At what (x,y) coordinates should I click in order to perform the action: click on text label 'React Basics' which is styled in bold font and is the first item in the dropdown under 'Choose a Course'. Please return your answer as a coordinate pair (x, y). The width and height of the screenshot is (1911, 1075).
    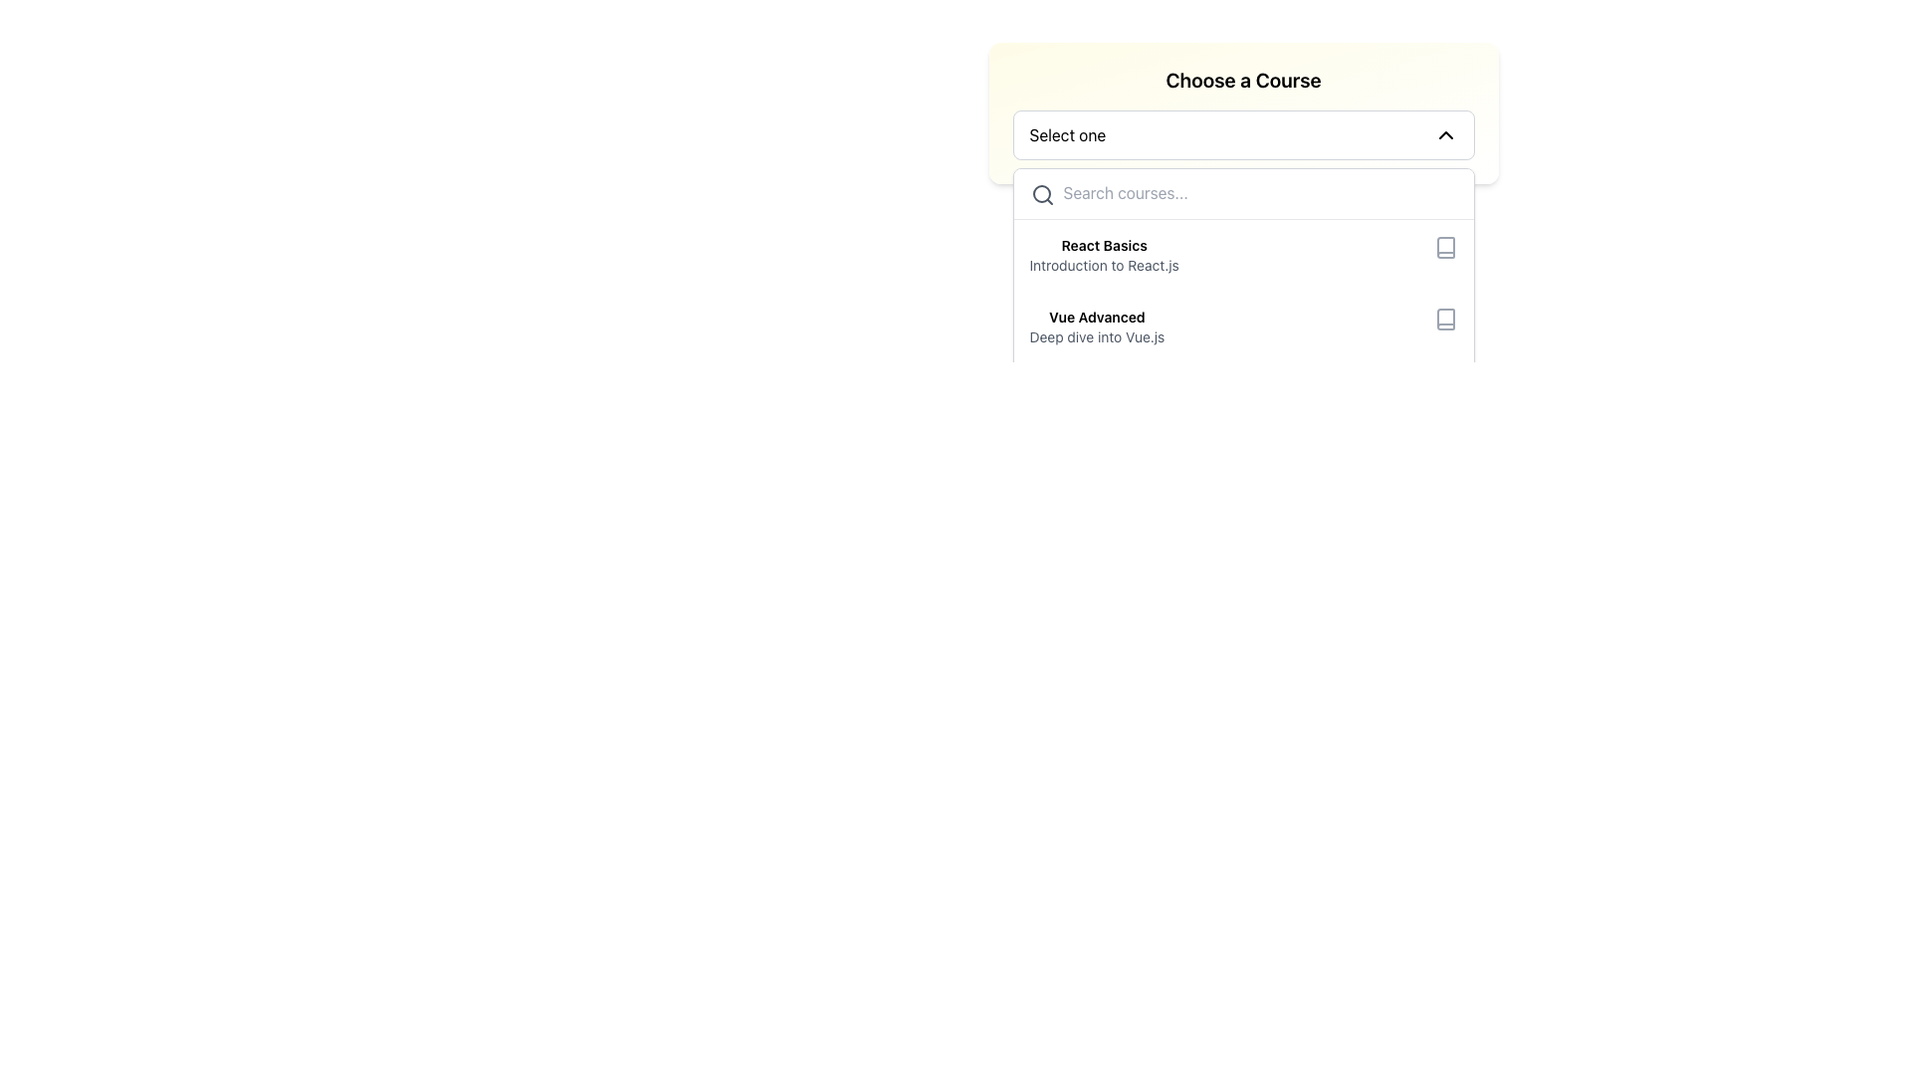
    Looking at the image, I should click on (1103, 244).